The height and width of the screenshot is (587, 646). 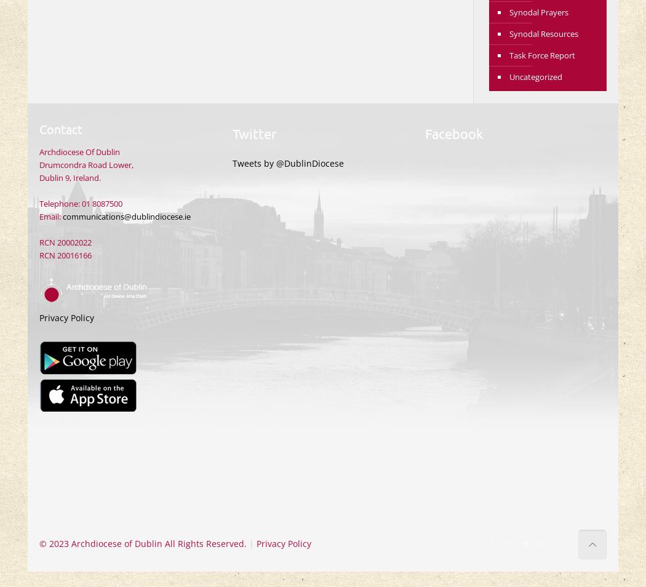 What do you see at coordinates (80, 204) in the screenshot?
I see `'Telephone: 01 8087500'` at bounding box center [80, 204].